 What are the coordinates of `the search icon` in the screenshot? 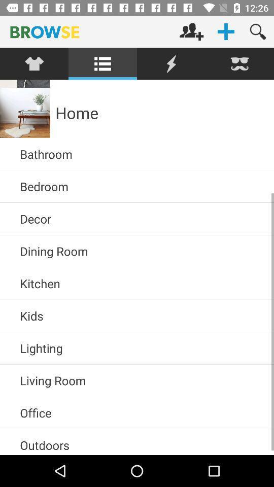 It's located at (258, 31).